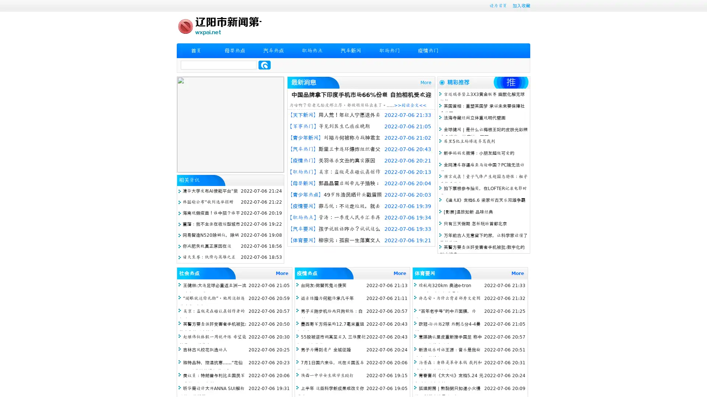 The width and height of the screenshot is (707, 397). What do you see at coordinates (264, 65) in the screenshot?
I see `Search` at bounding box center [264, 65].